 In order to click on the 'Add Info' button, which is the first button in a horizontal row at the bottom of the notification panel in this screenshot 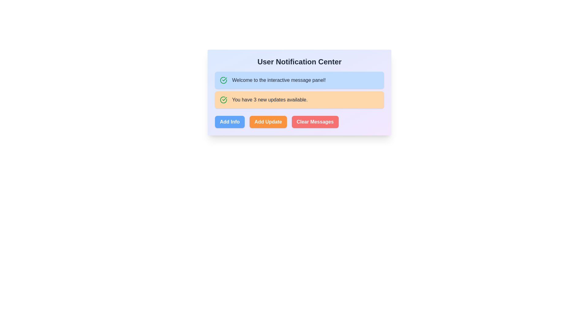, I will do `click(229, 122)`.